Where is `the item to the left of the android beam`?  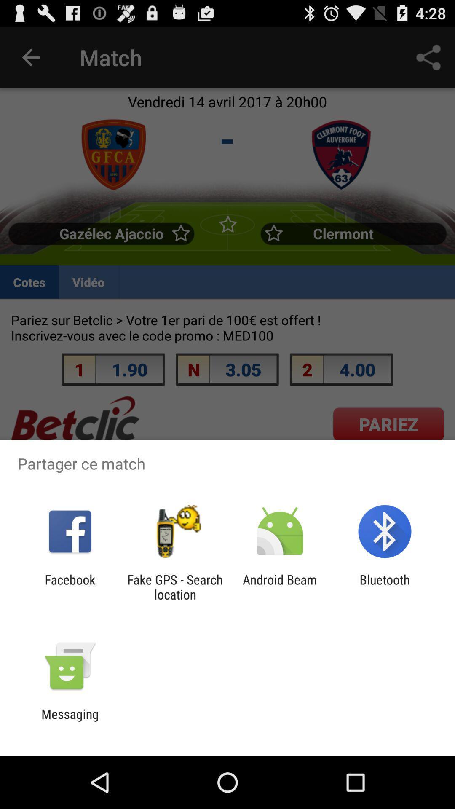 the item to the left of the android beam is located at coordinates (174, 587).